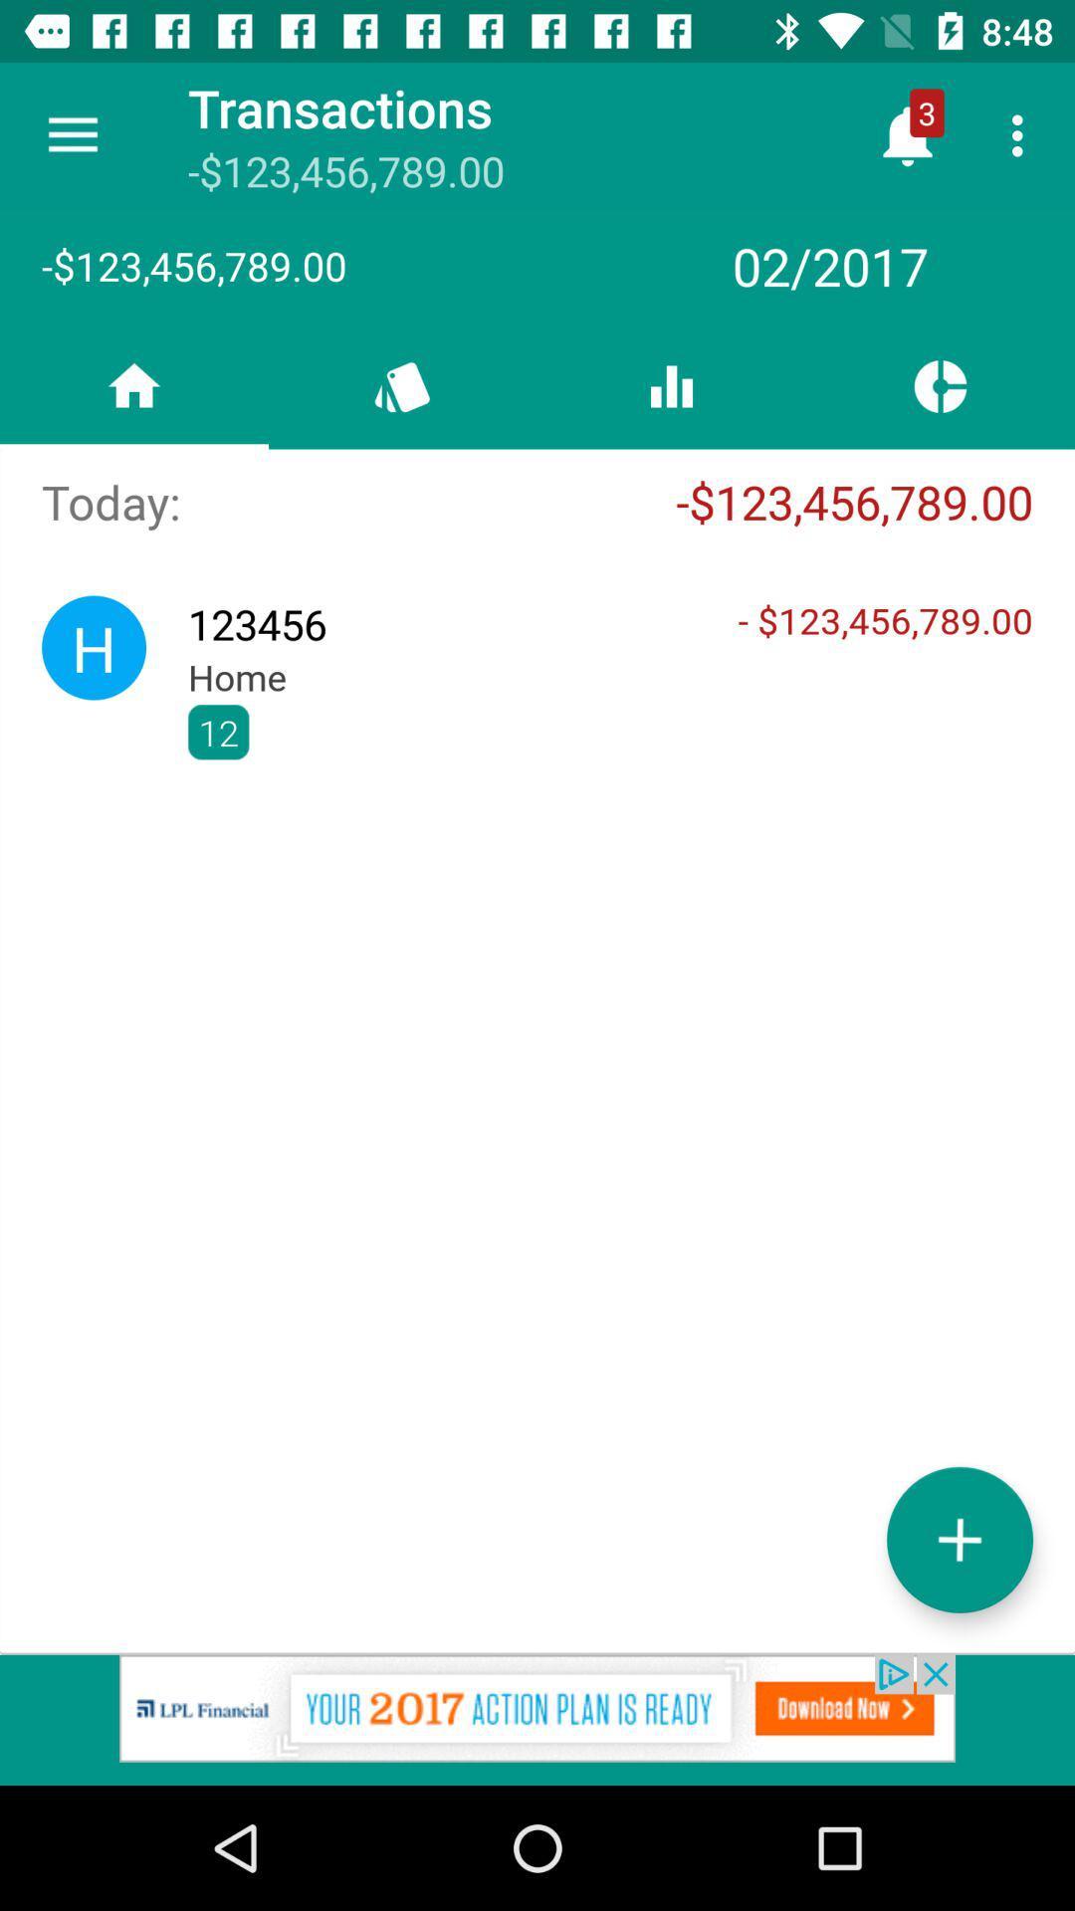 This screenshot has width=1075, height=1911. Describe the element at coordinates (959, 1539) in the screenshot. I see `add button` at that location.